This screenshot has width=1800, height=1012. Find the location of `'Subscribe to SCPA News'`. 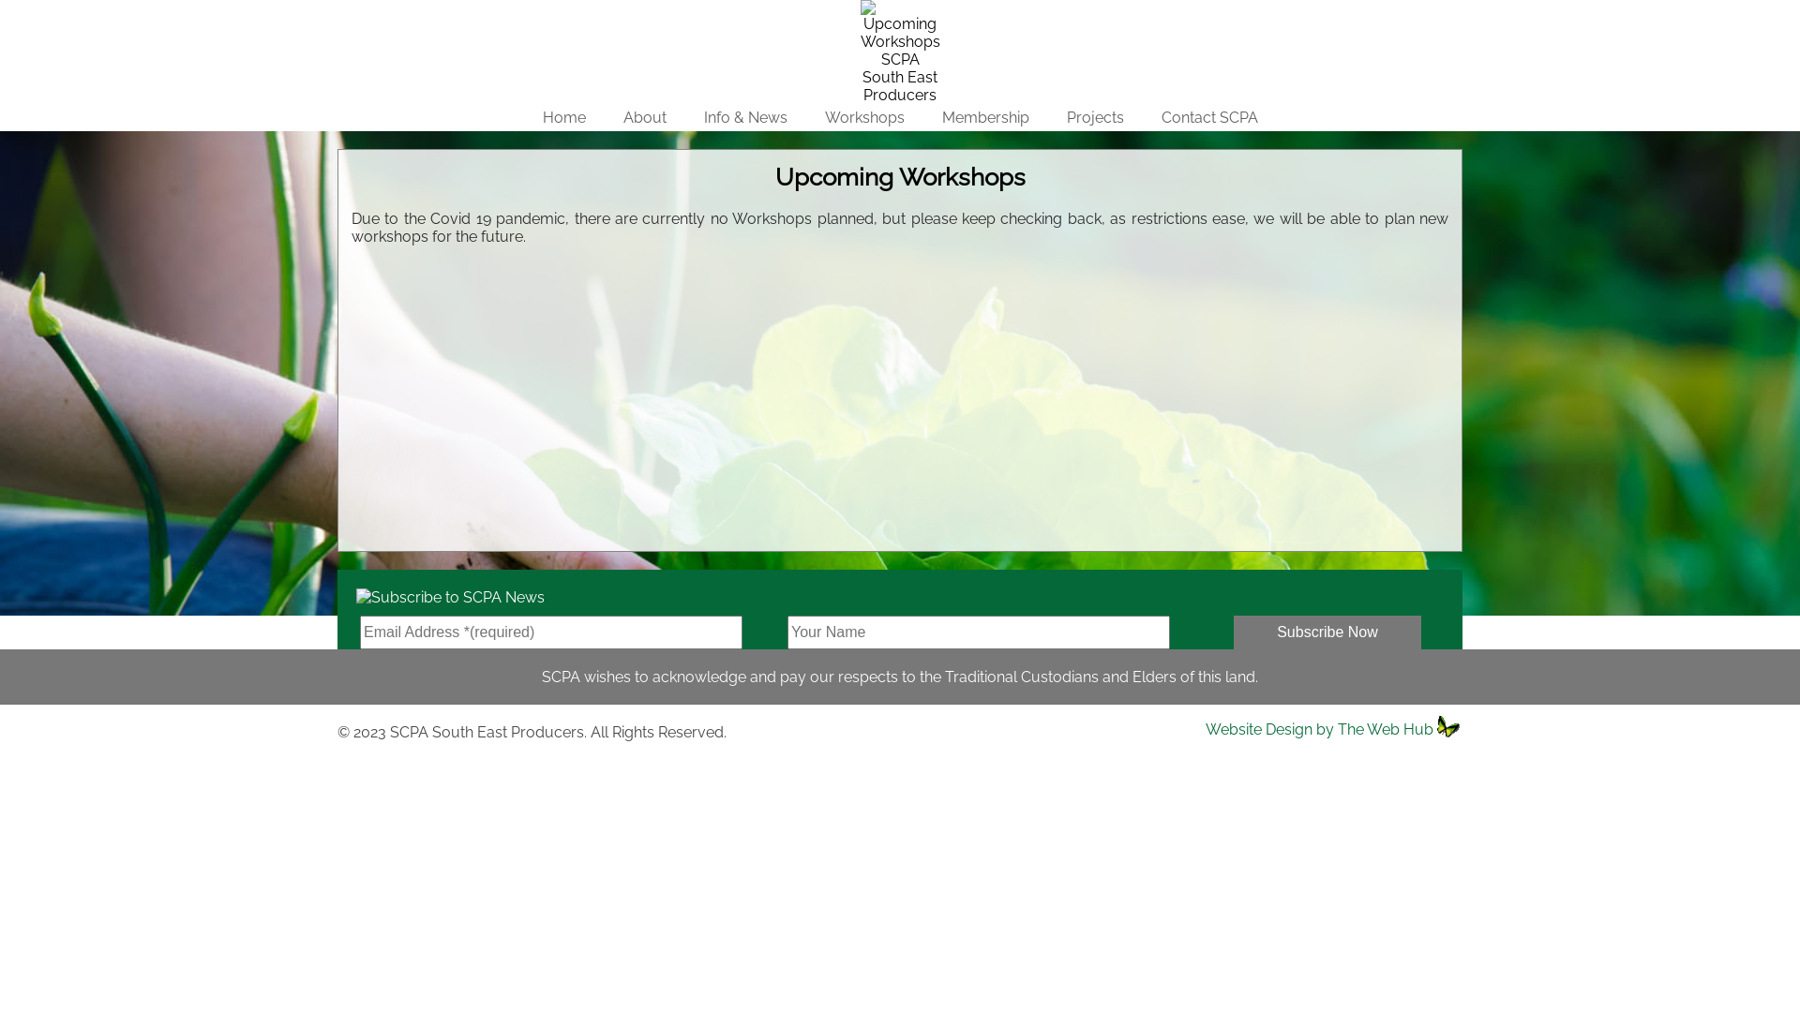

'Subscribe to SCPA News' is located at coordinates (440, 592).